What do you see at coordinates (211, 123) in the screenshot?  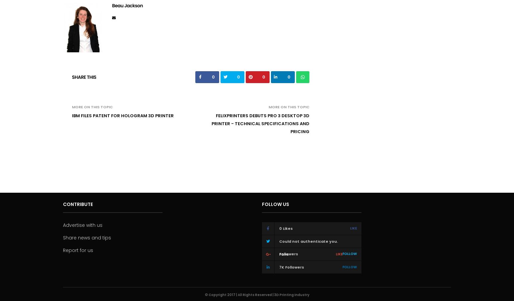 I see `'FELIXprinters debuts Pro 3 desktop 3D printer - technical specifications and pricing'` at bounding box center [211, 123].